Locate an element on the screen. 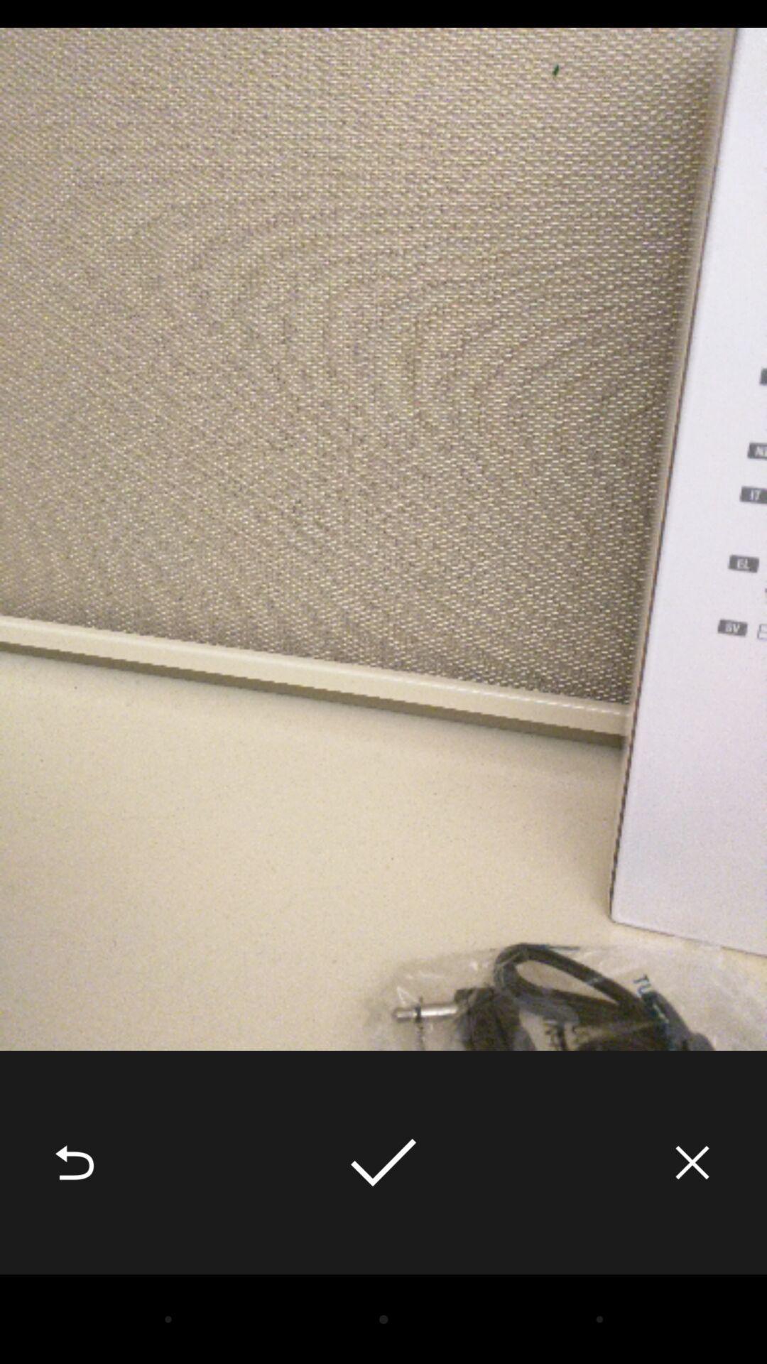 The height and width of the screenshot is (1364, 767). the item at the bottom right corner is located at coordinates (692, 1162).